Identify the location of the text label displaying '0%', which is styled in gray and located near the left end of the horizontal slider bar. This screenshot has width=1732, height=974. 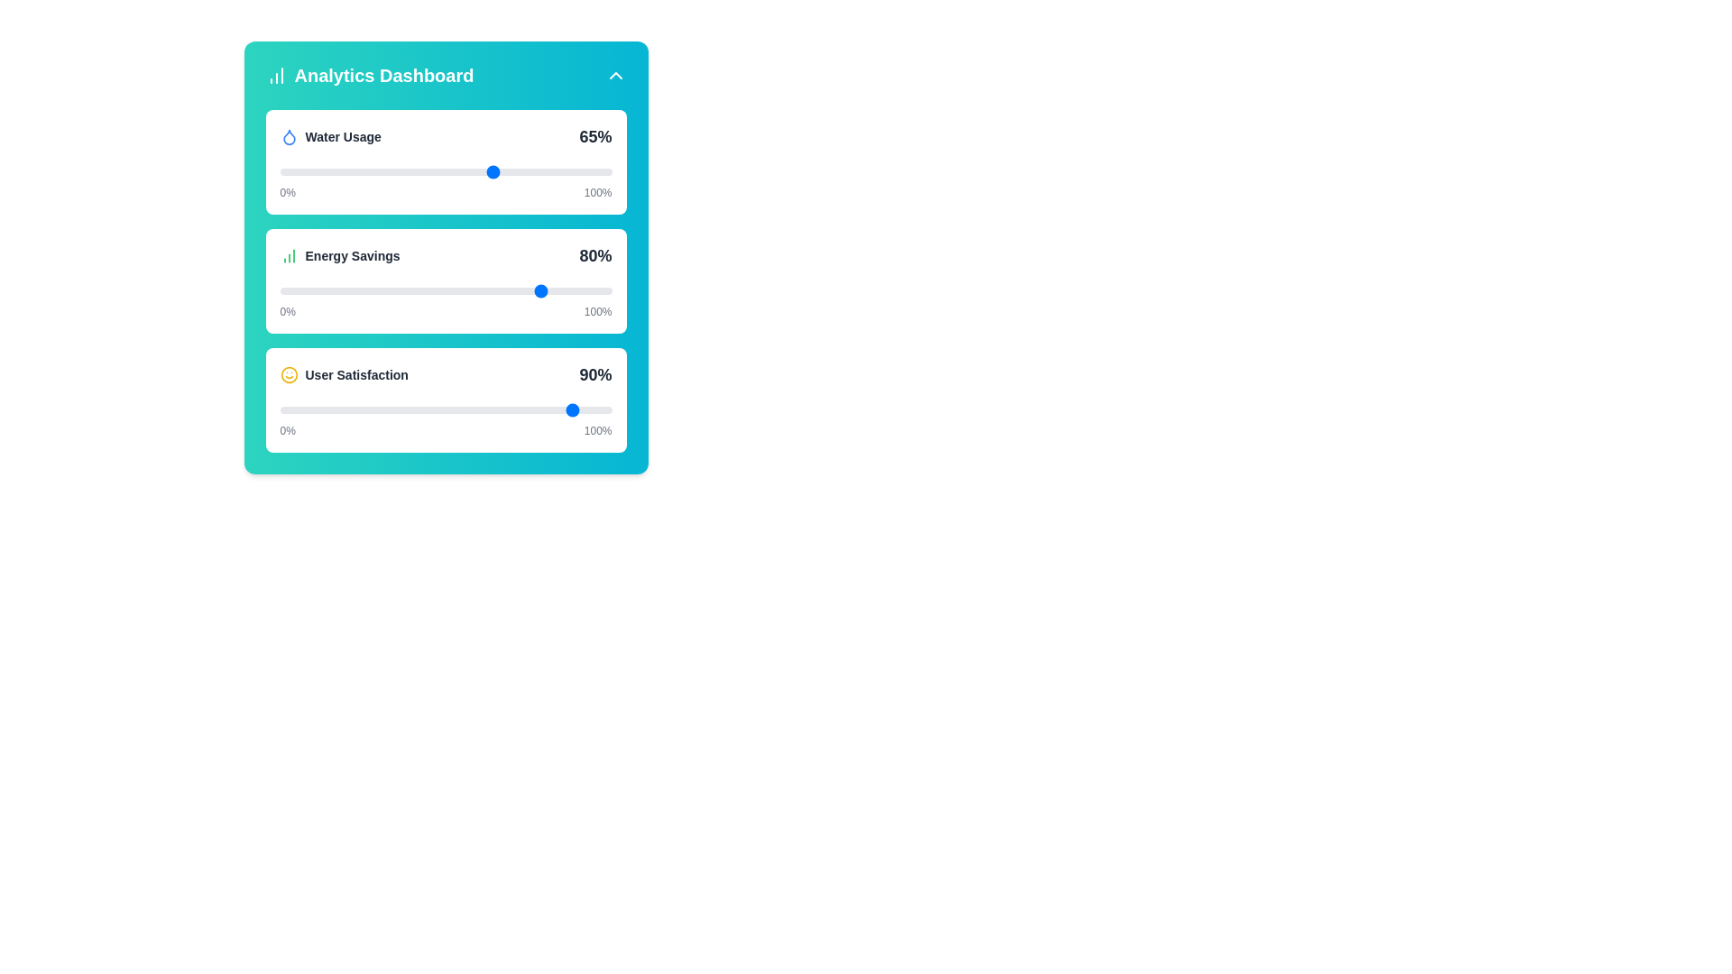
(287, 431).